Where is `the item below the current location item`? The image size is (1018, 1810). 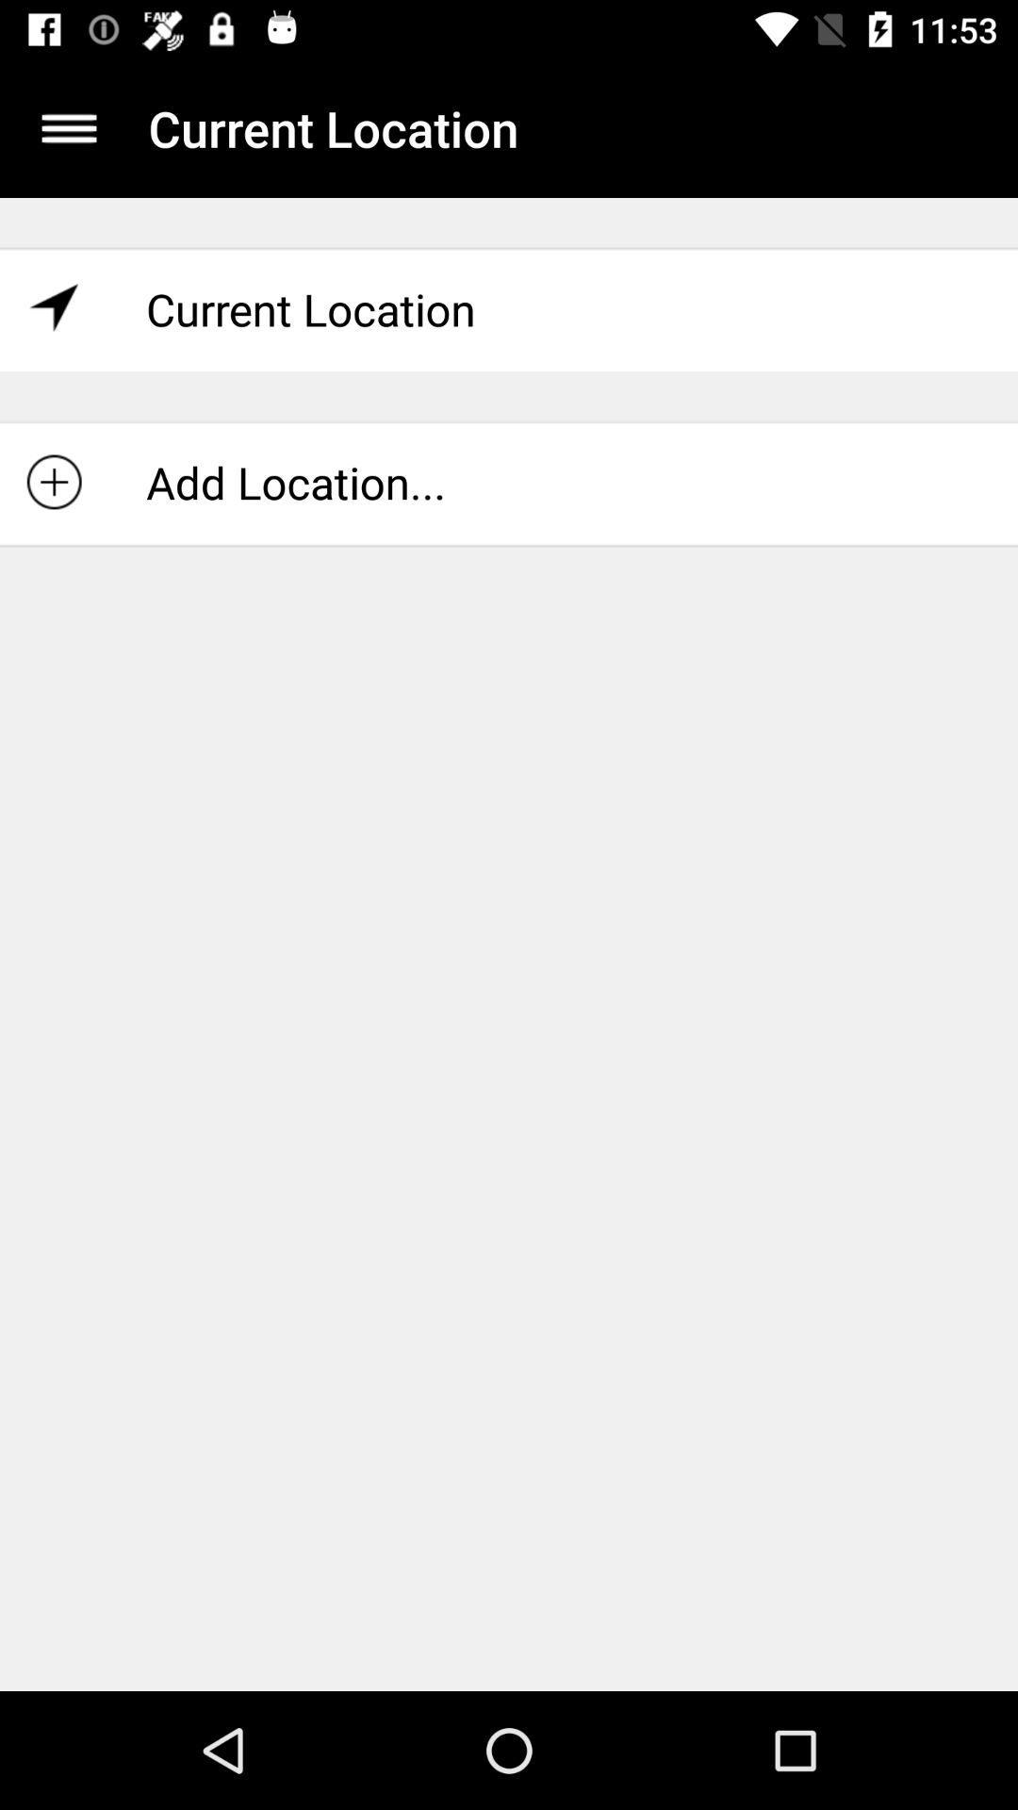
the item below the current location item is located at coordinates (509, 482).